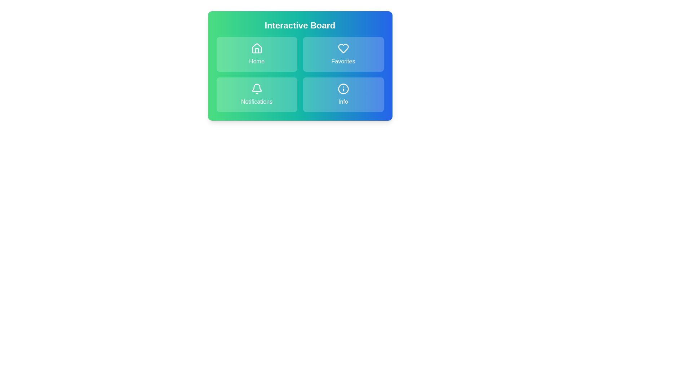  Describe the element at coordinates (343, 54) in the screenshot. I see `the 'Favorites' button located in the top-right cell of the 2x2 grid layout` at that location.